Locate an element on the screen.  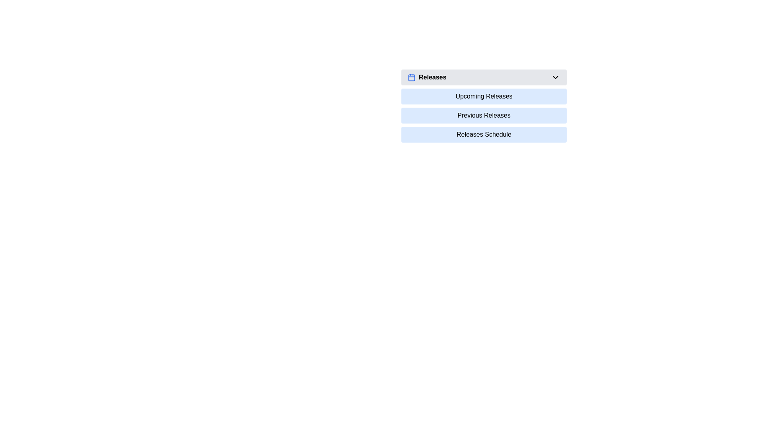
the 'Upcoming Releases' button, which is a rectangular button with black text on a light blue background, to observe the visual feedback change is located at coordinates (484, 96).